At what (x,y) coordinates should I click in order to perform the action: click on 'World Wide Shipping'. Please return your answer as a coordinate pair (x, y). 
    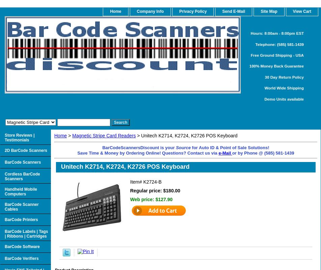
    Looking at the image, I should click on (284, 87).